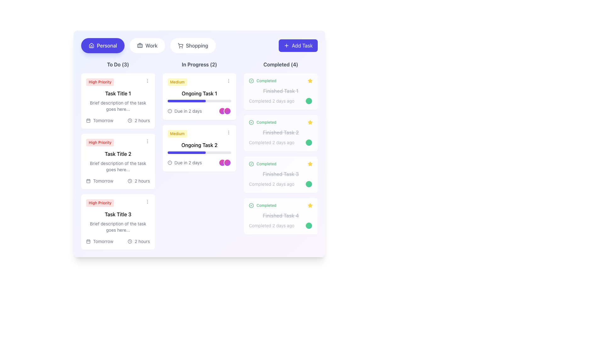  I want to click on the text label displaying 'Completed (4)', which is styled in bold gray and serves as a section title above a list of completed tasks, so click(280, 64).